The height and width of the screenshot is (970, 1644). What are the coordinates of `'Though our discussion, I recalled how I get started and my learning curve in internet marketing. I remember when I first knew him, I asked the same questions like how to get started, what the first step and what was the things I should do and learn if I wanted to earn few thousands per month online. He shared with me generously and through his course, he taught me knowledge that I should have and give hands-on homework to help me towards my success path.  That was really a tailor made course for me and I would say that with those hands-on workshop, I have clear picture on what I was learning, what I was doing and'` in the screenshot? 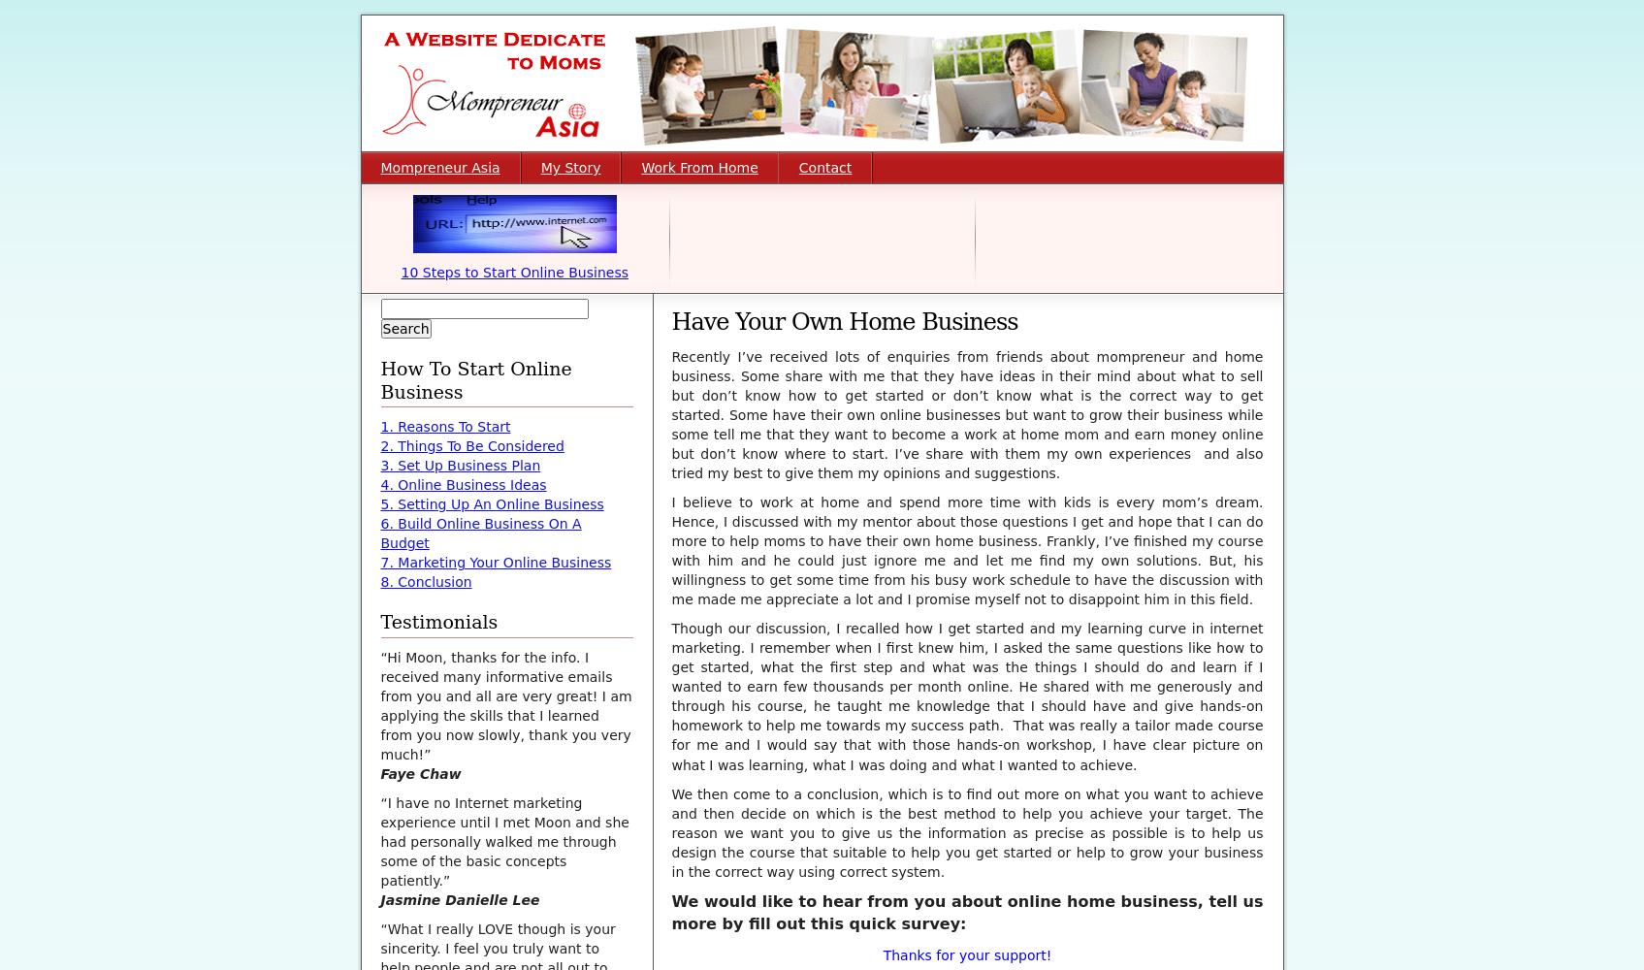 It's located at (965, 695).